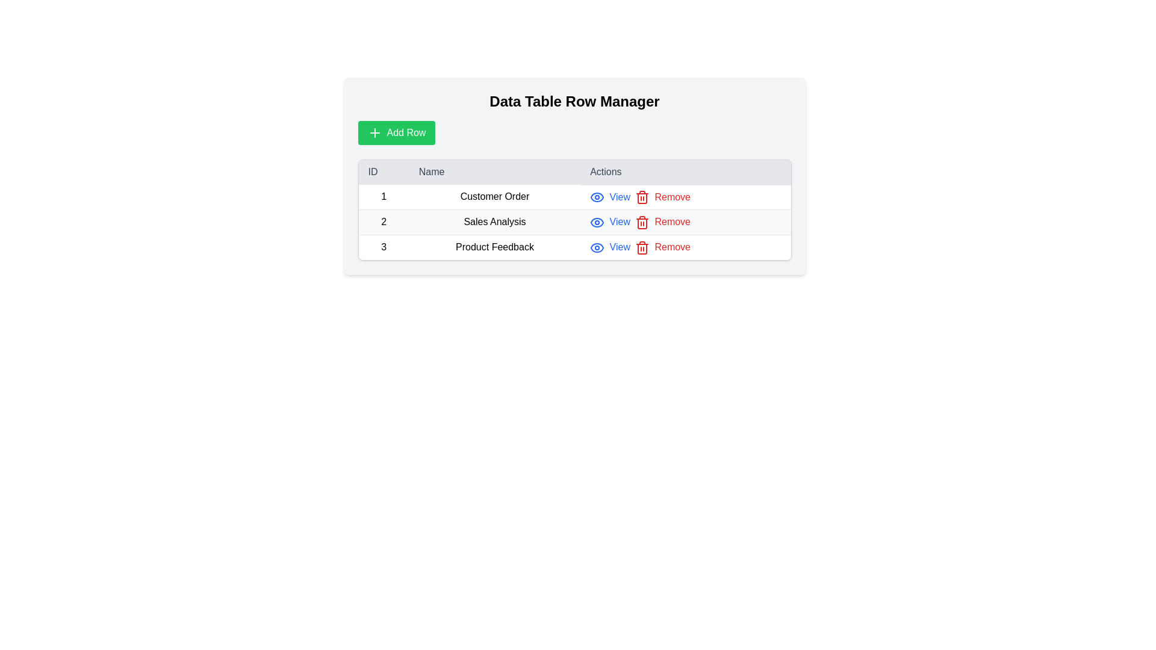 The height and width of the screenshot is (650, 1156). I want to click on the 'View' or 'Remove' button in the third row of the table, so click(574, 246).